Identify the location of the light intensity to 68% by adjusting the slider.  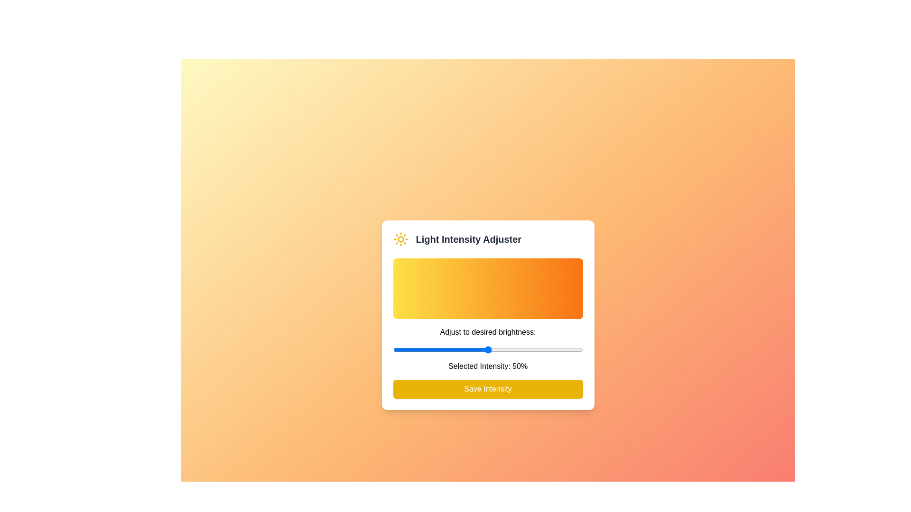
(521, 349).